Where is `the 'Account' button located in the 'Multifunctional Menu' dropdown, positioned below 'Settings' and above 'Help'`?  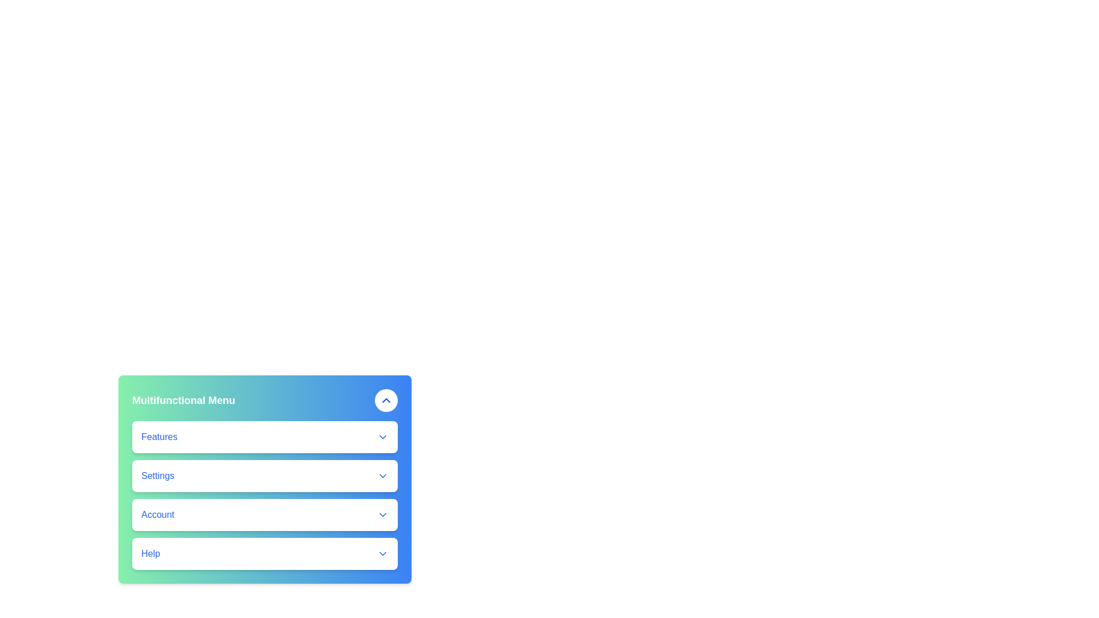
the 'Account' button located in the 'Multifunctional Menu' dropdown, positioned below 'Settings' and above 'Help' is located at coordinates (264, 514).